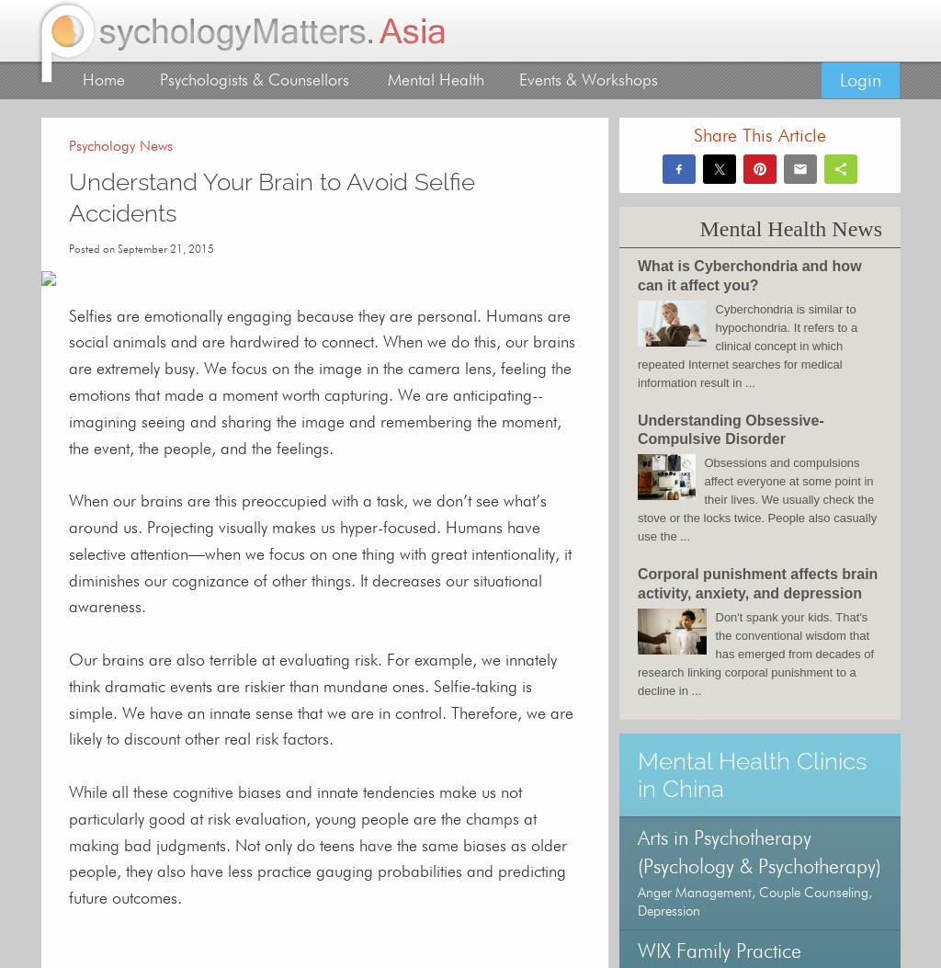 The image size is (941, 968). What do you see at coordinates (751, 772) in the screenshot?
I see `'Mental Health Clinics in China'` at bounding box center [751, 772].